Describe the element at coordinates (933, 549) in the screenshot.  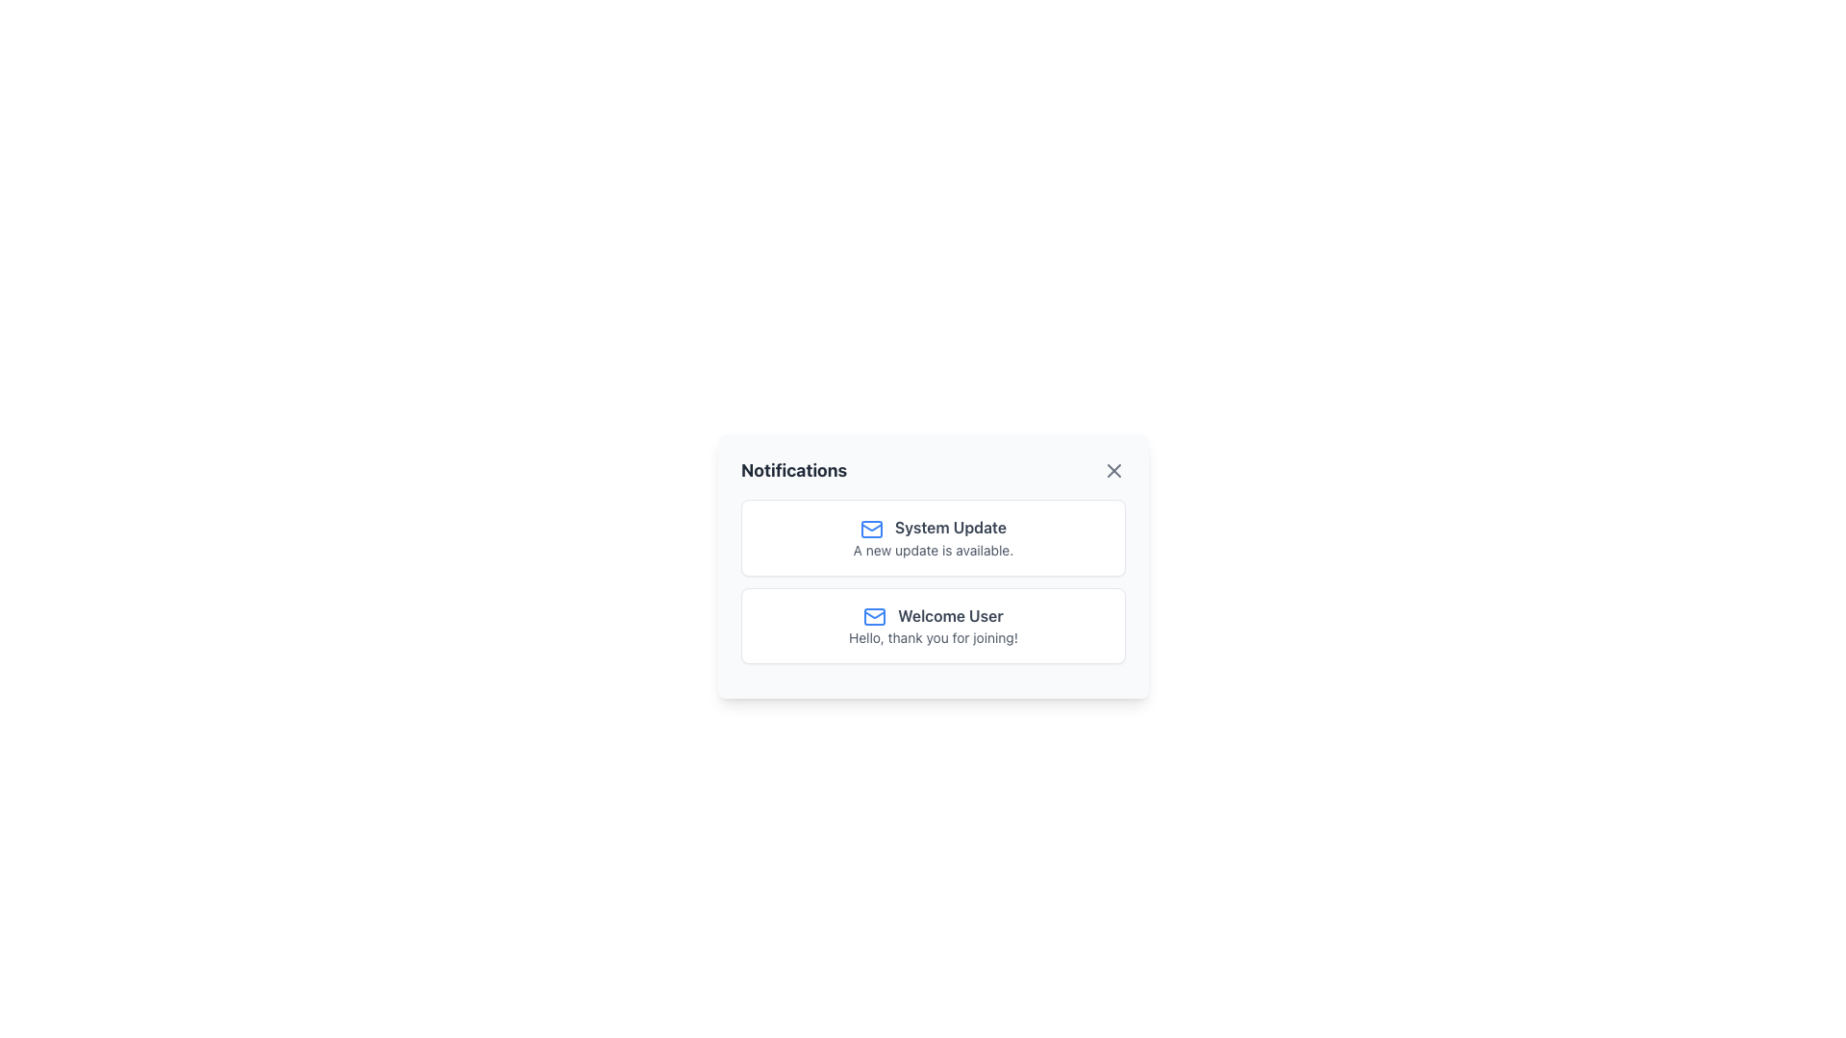
I see `the Text Label that indicates the availability of a new update, positioned below the title 'System Update'` at that location.